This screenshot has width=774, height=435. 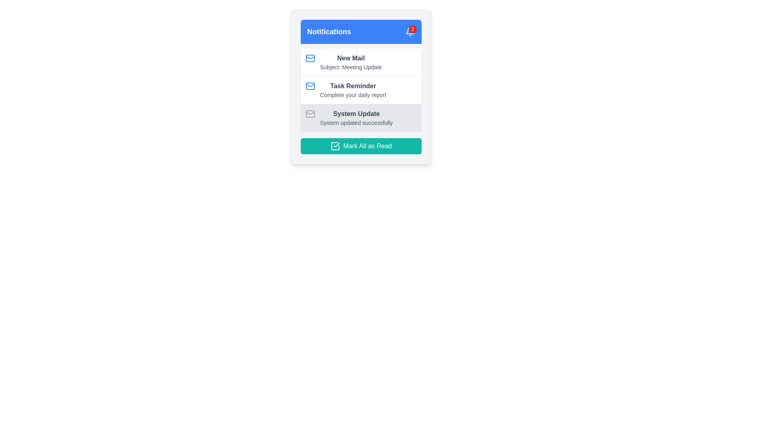 What do you see at coordinates (361, 62) in the screenshot?
I see `the first notification list item that indicates a new mail with the subject 'Meeting Update', which is located immediately below the notification header` at bounding box center [361, 62].